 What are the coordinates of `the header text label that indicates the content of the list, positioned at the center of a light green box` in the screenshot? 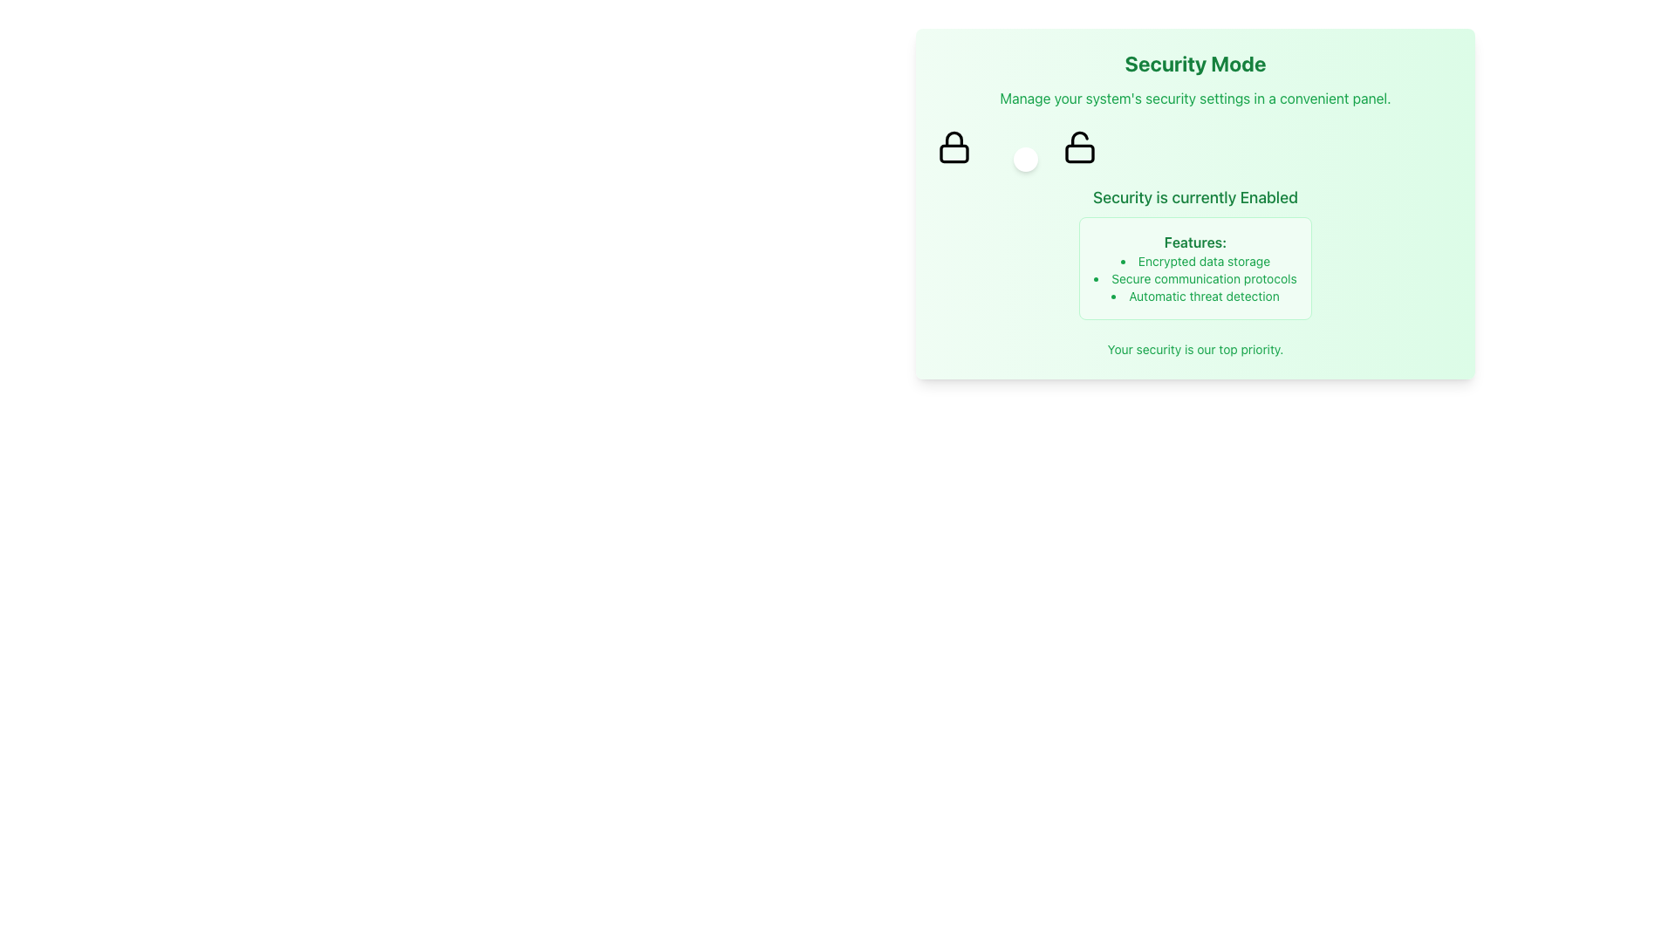 It's located at (1194, 242).